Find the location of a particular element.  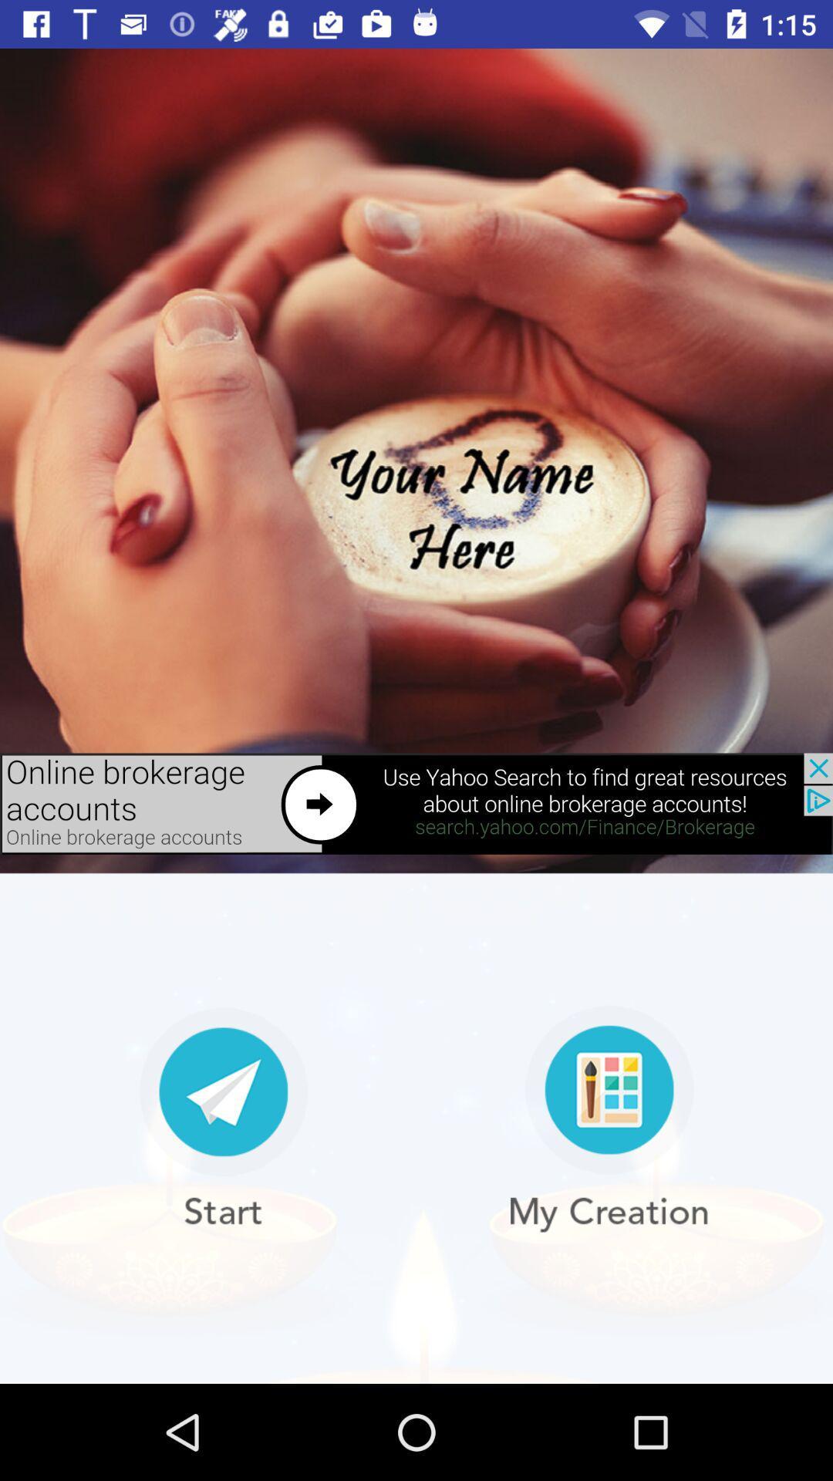

advertisement banner is located at coordinates (416, 803).